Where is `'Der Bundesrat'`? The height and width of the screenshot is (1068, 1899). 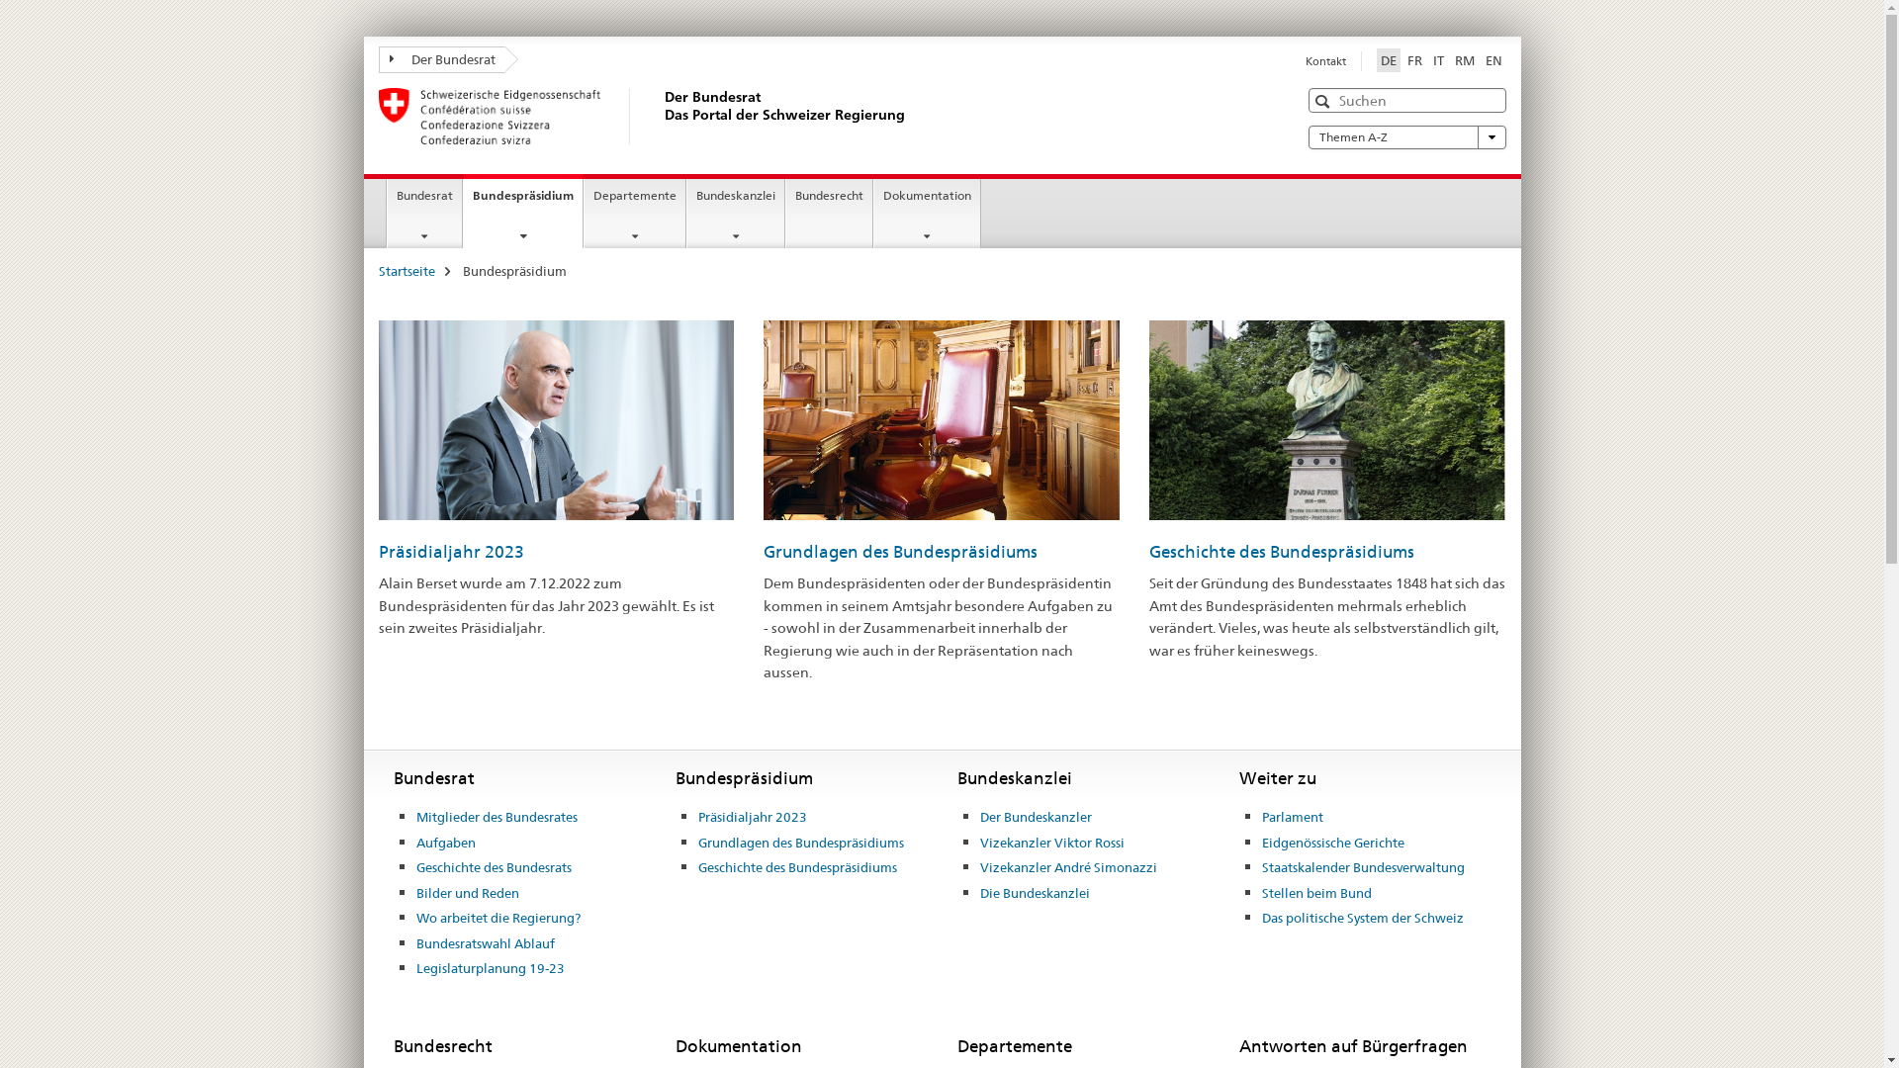 'Der Bundesrat' is located at coordinates (440, 58).